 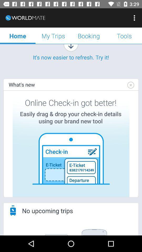 What do you see at coordinates (71, 144) in the screenshot?
I see `item above no upcoming trips icon` at bounding box center [71, 144].